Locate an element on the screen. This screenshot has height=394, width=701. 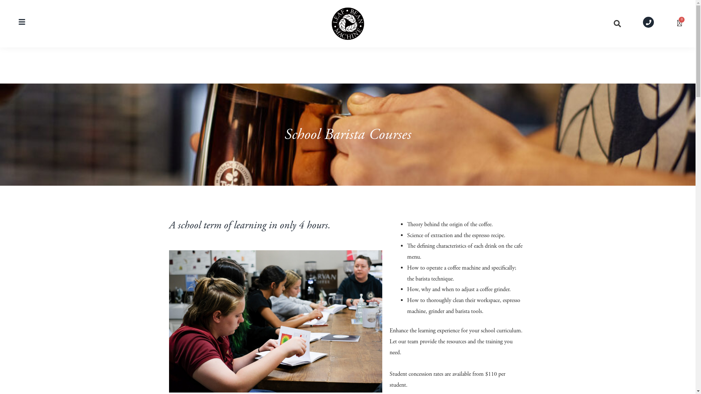
'Phone' is located at coordinates (648, 22).